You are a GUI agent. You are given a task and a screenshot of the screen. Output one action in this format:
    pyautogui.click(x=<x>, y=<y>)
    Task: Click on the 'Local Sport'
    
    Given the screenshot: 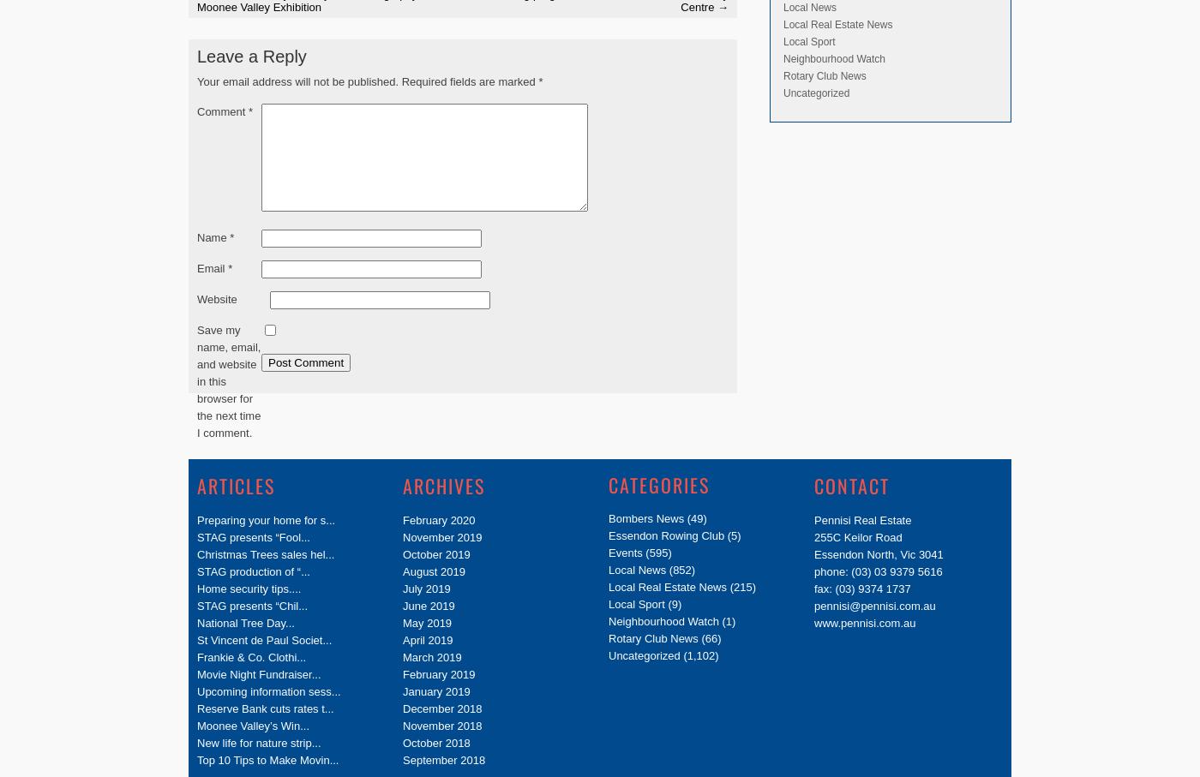 What is the action you would take?
    pyautogui.click(x=809, y=40)
    